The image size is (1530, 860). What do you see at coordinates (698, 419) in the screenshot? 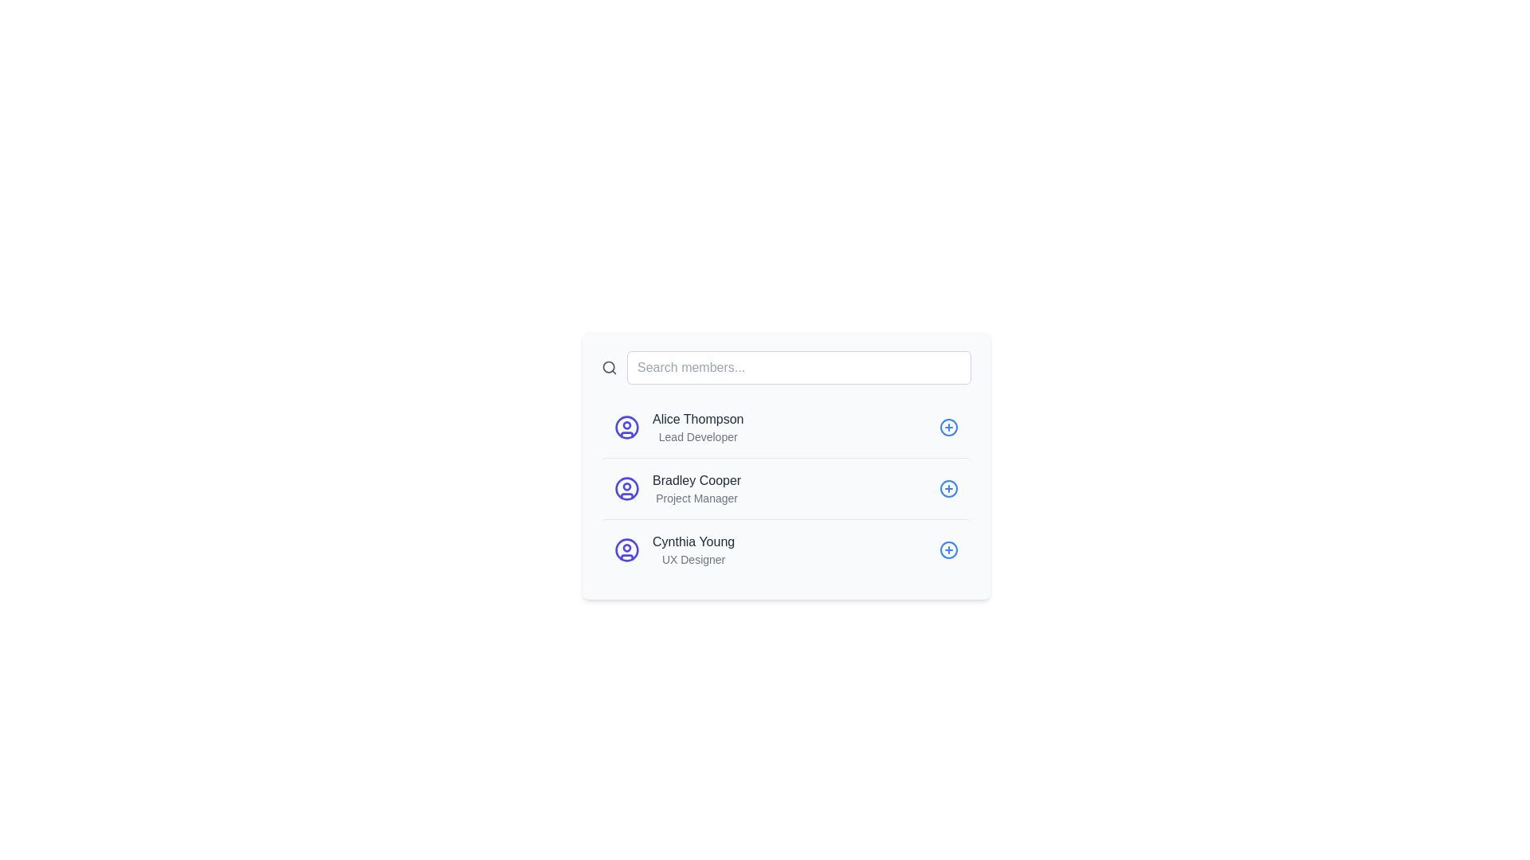
I see `the static text label displaying the name 'Alice Thompson'` at bounding box center [698, 419].